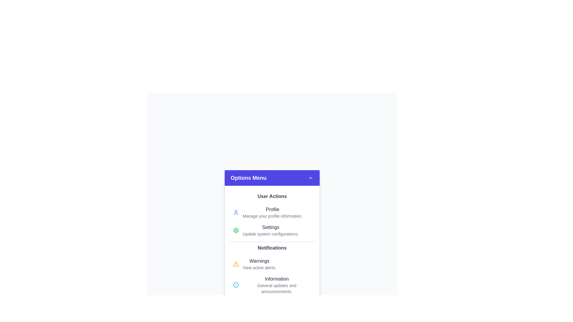 Image resolution: width=573 pixels, height=322 pixels. What do you see at coordinates (272, 264) in the screenshot?
I see `the clickable list item labeled 'Warnings' with a warning icon, which is located under the 'Notifications' section in the menu` at bounding box center [272, 264].